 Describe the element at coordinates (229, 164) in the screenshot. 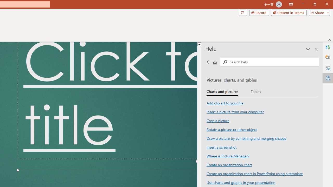

I see `'Create an organization chart'` at that location.